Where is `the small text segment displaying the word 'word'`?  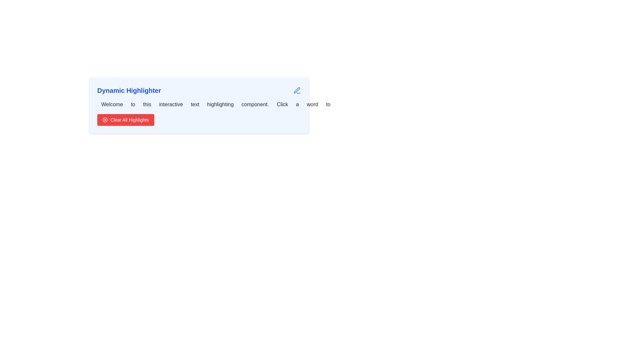
the small text segment displaying the word 'word' is located at coordinates (312, 104).